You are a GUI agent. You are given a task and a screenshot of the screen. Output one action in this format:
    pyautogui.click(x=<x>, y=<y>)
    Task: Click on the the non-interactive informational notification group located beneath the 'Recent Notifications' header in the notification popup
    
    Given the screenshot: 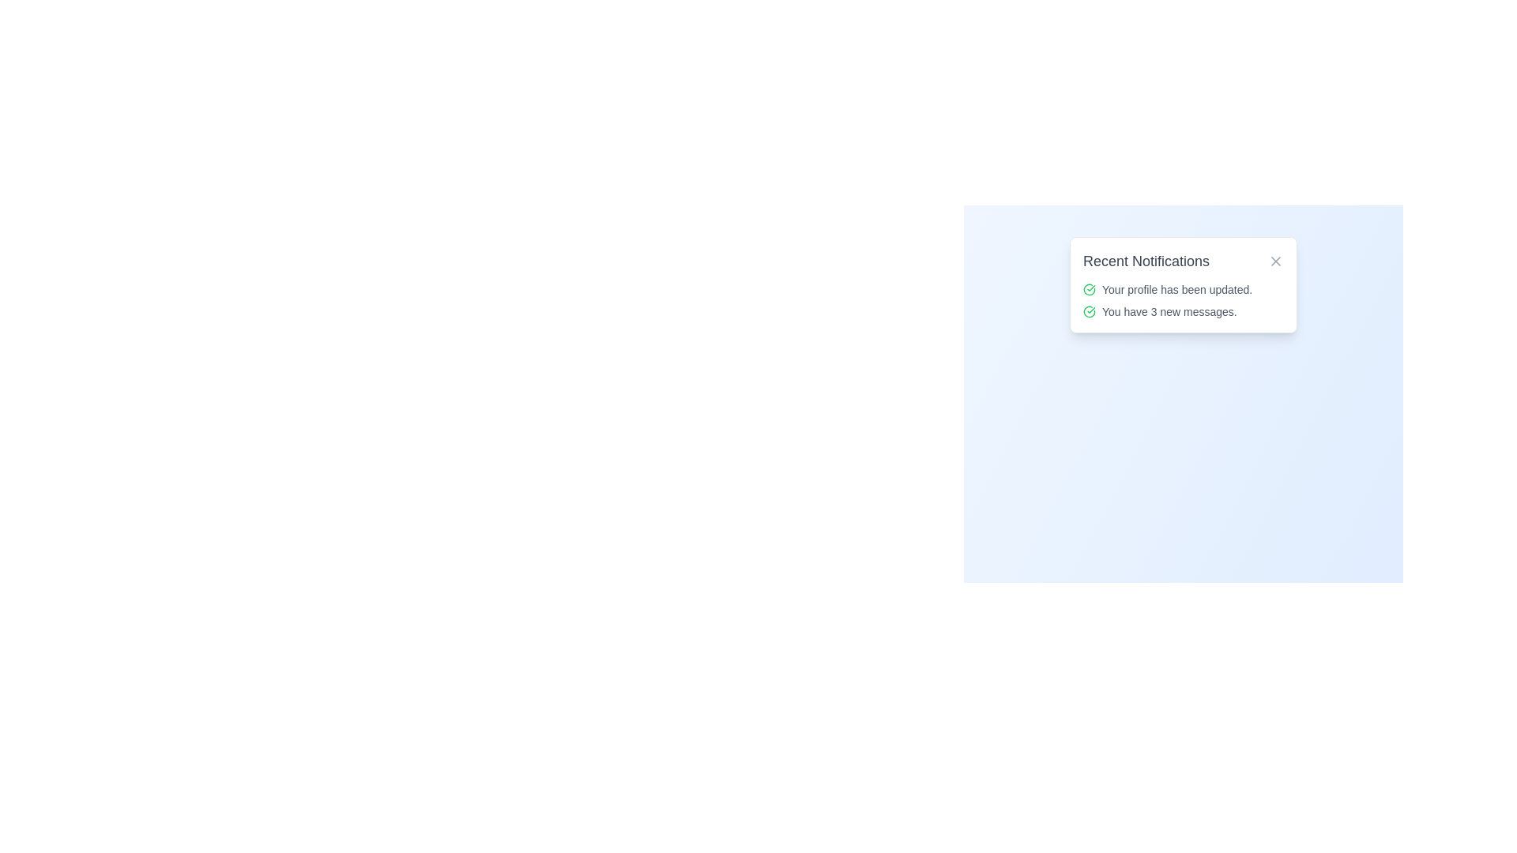 What is the action you would take?
    pyautogui.click(x=1183, y=301)
    